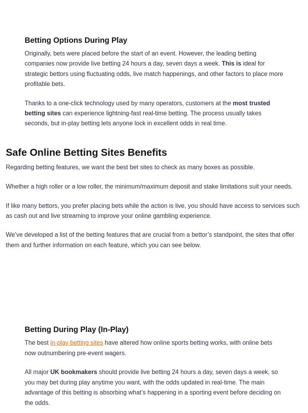 Image resolution: width=308 pixels, height=413 pixels. Describe the element at coordinates (152, 210) in the screenshot. I see `'If like many bettors, you prefer placing bets while the action is live, you should have access to services such as cash out and live streaming to improve your online gambling experience.'` at that location.